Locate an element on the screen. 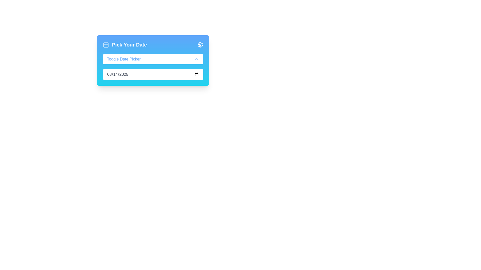 The width and height of the screenshot is (481, 270). the settings icon located in the top-right corner of a blue gradient card is located at coordinates (200, 44).